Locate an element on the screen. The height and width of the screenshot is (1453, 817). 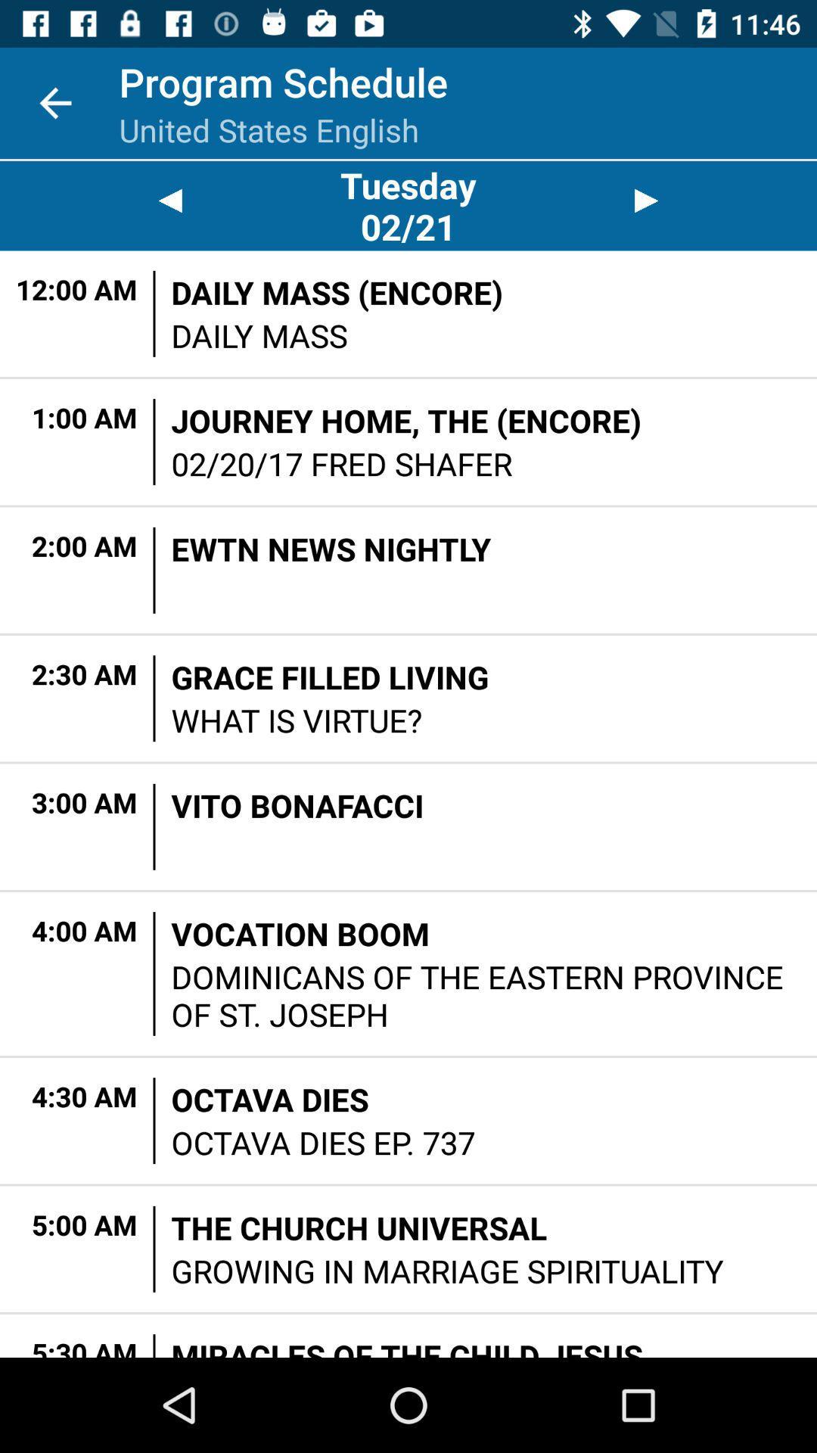
icon next to program schedule item is located at coordinates (54, 102).